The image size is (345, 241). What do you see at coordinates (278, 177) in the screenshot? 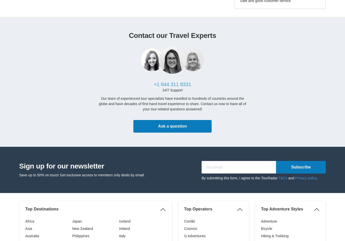
I see `'T&Cs'` at bounding box center [278, 177].